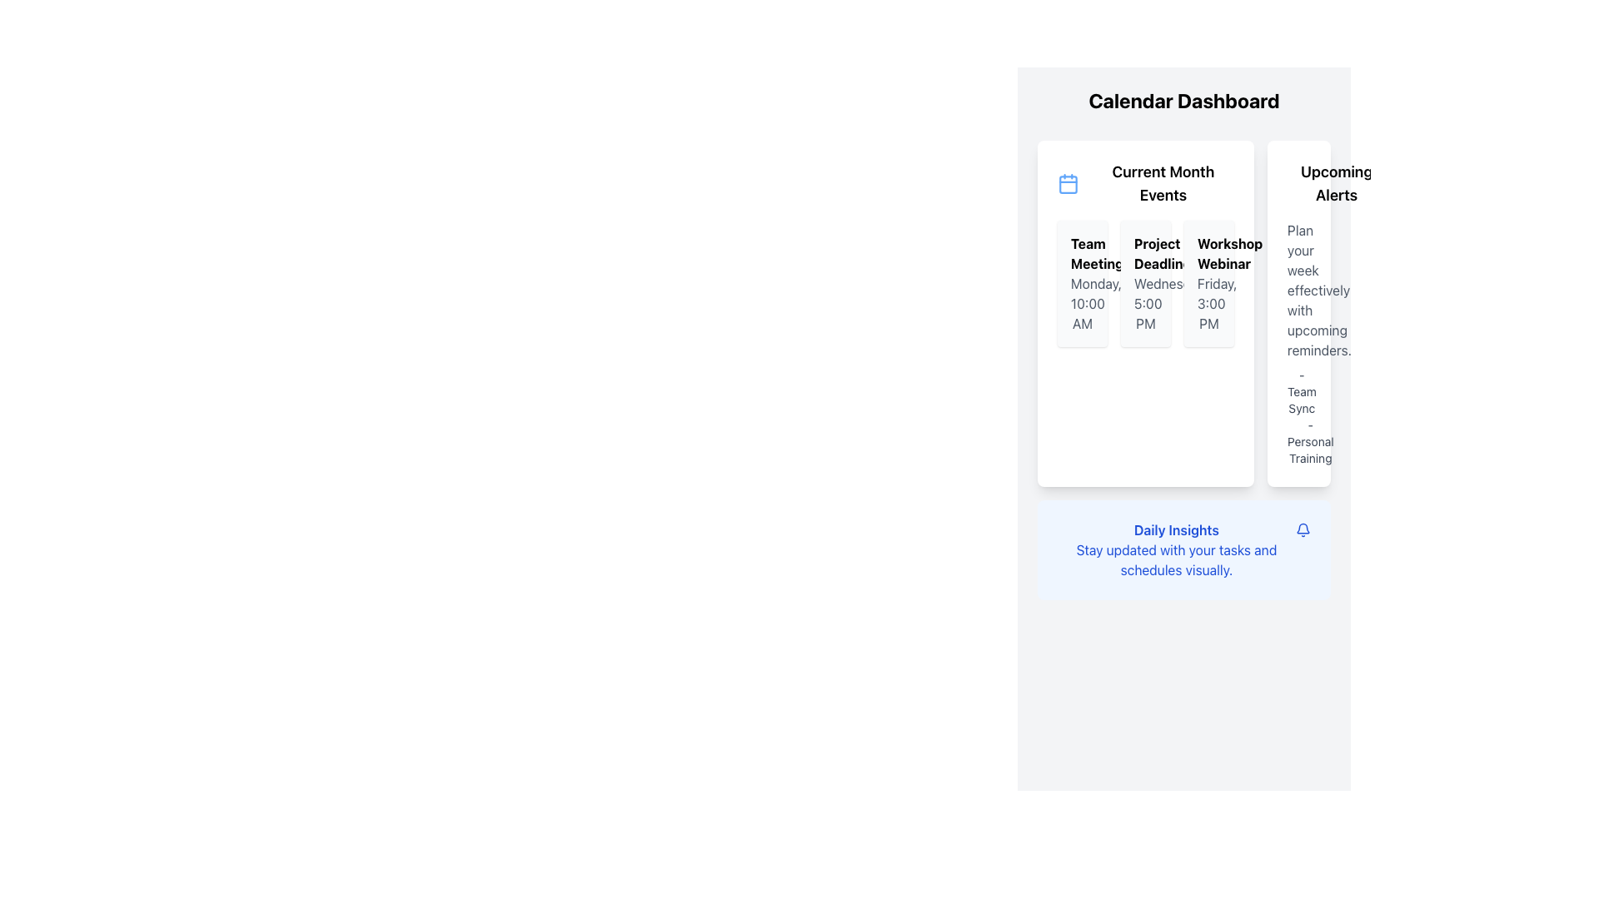 Image resolution: width=1599 pixels, height=899 pixels. Describe the element at coordinates (1083, 282) in the screenshot. I see `the Information Card displaying details about the scheduled team meeting located in the 'Current Month Events' section, positioned to the far left in the grid layout` at that location.